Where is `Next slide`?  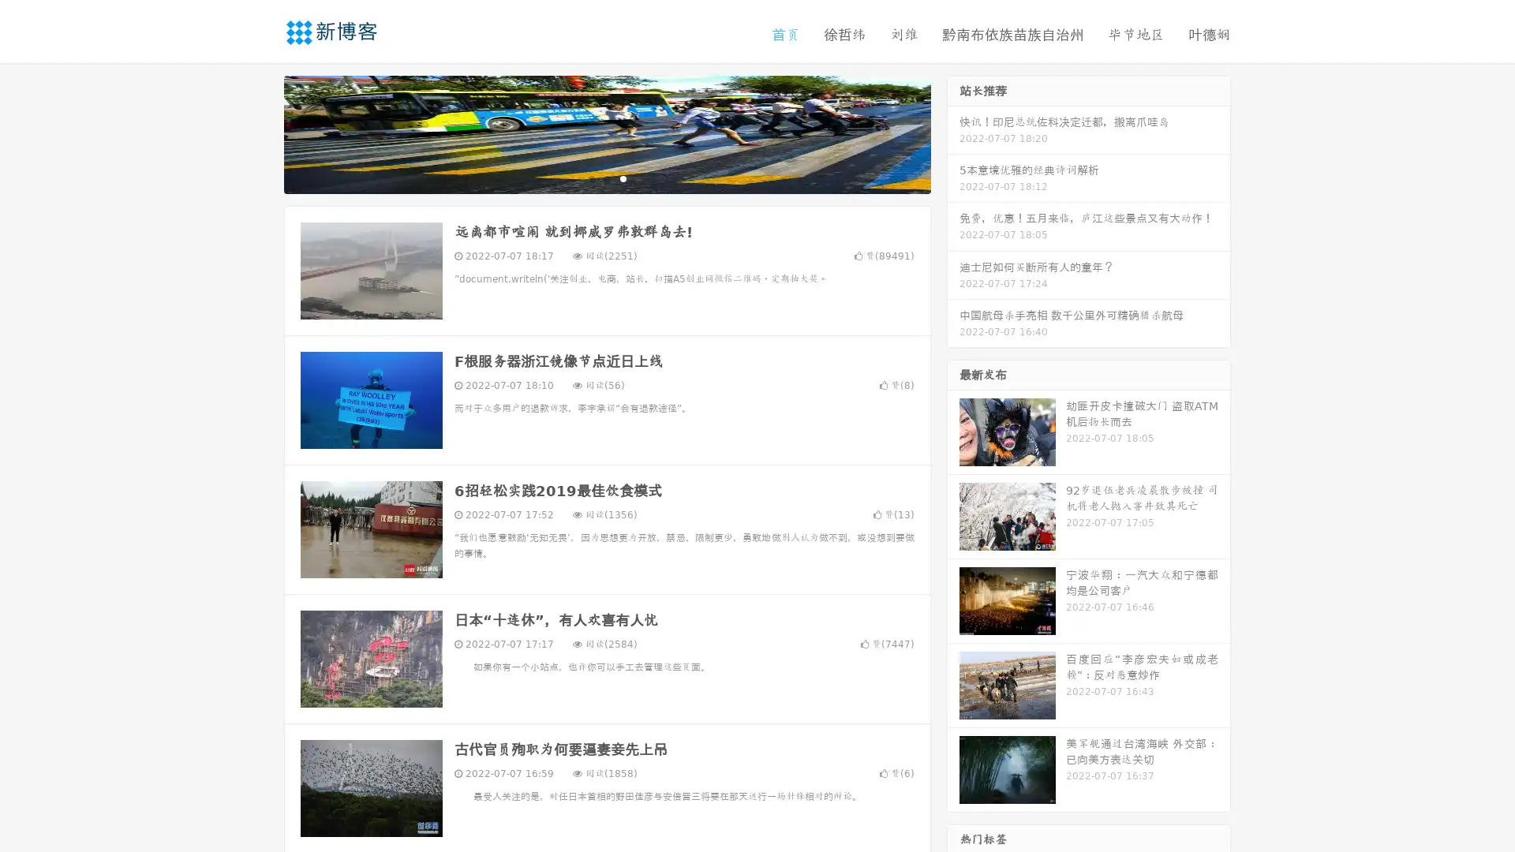
Next slide is located at coordinates (953, 133).